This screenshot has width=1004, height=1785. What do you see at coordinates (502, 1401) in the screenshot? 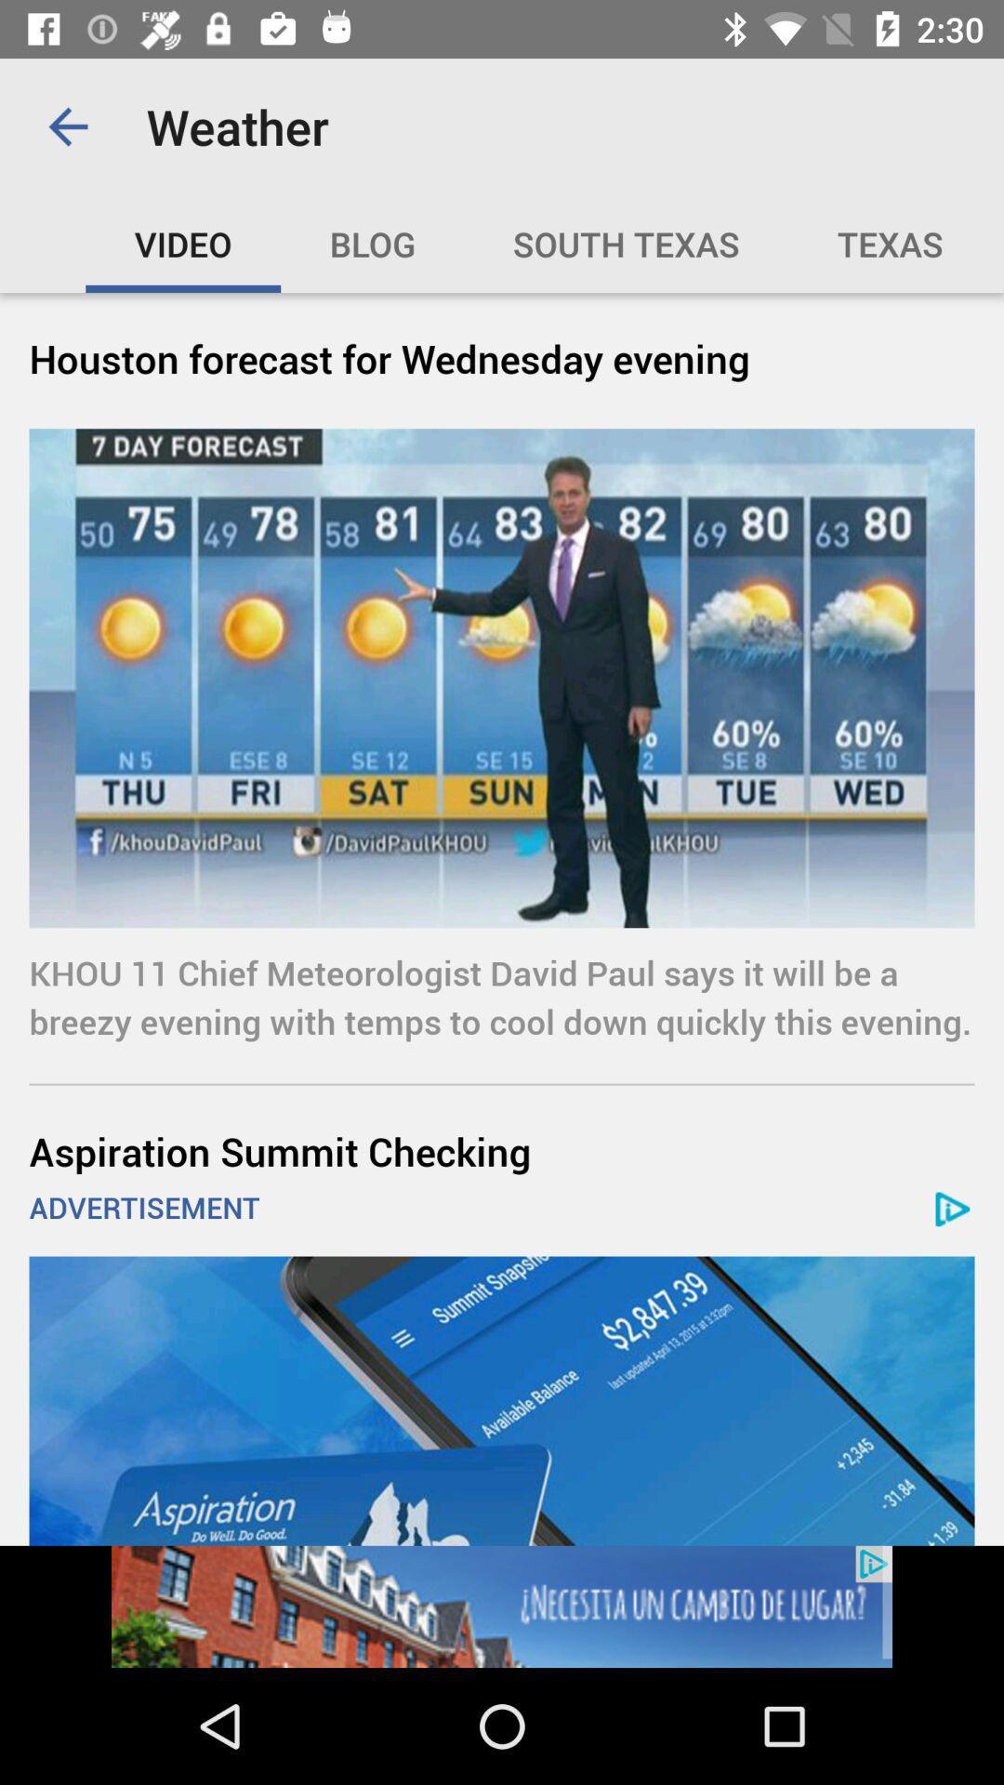
I see `advertisement display` at bounding box center [502, 1401].